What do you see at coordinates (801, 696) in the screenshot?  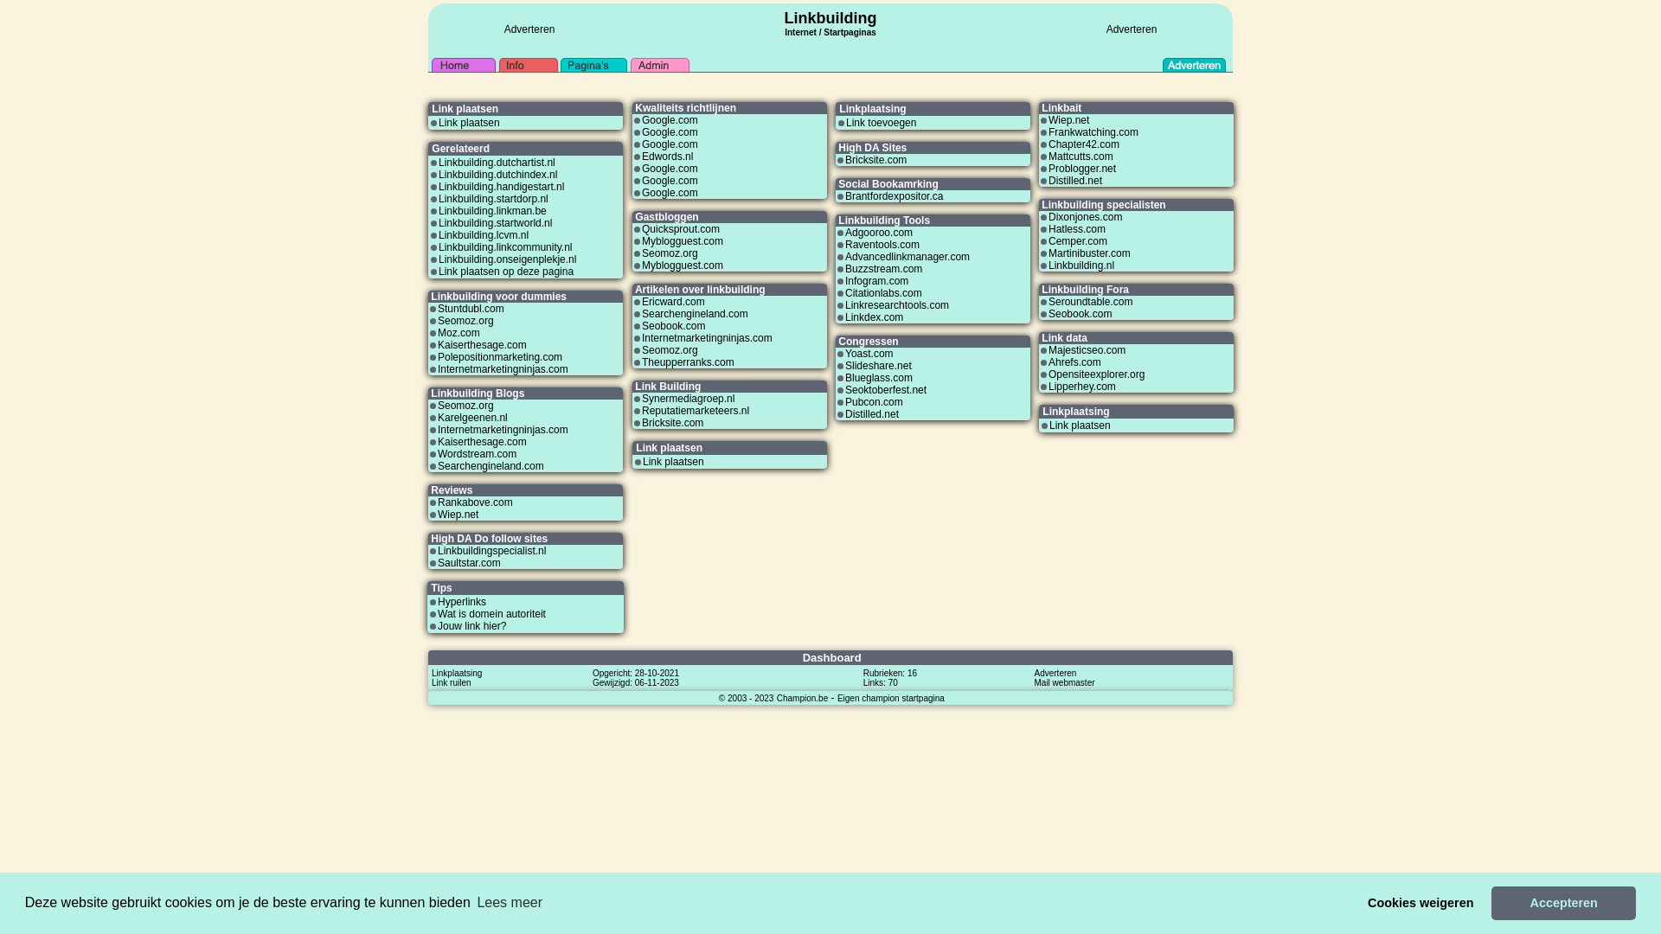 I see `'Champion.be'` at bounding box center [801, 696].